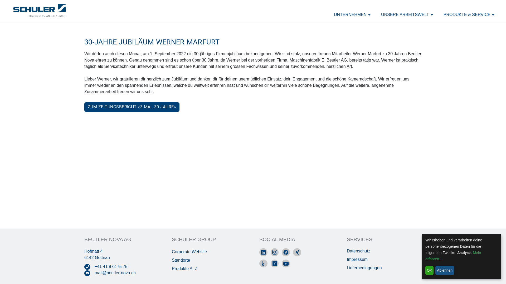 The width and height of the screenshot is (506, 284). I want to click on 'Impressum', so click(347, 259).